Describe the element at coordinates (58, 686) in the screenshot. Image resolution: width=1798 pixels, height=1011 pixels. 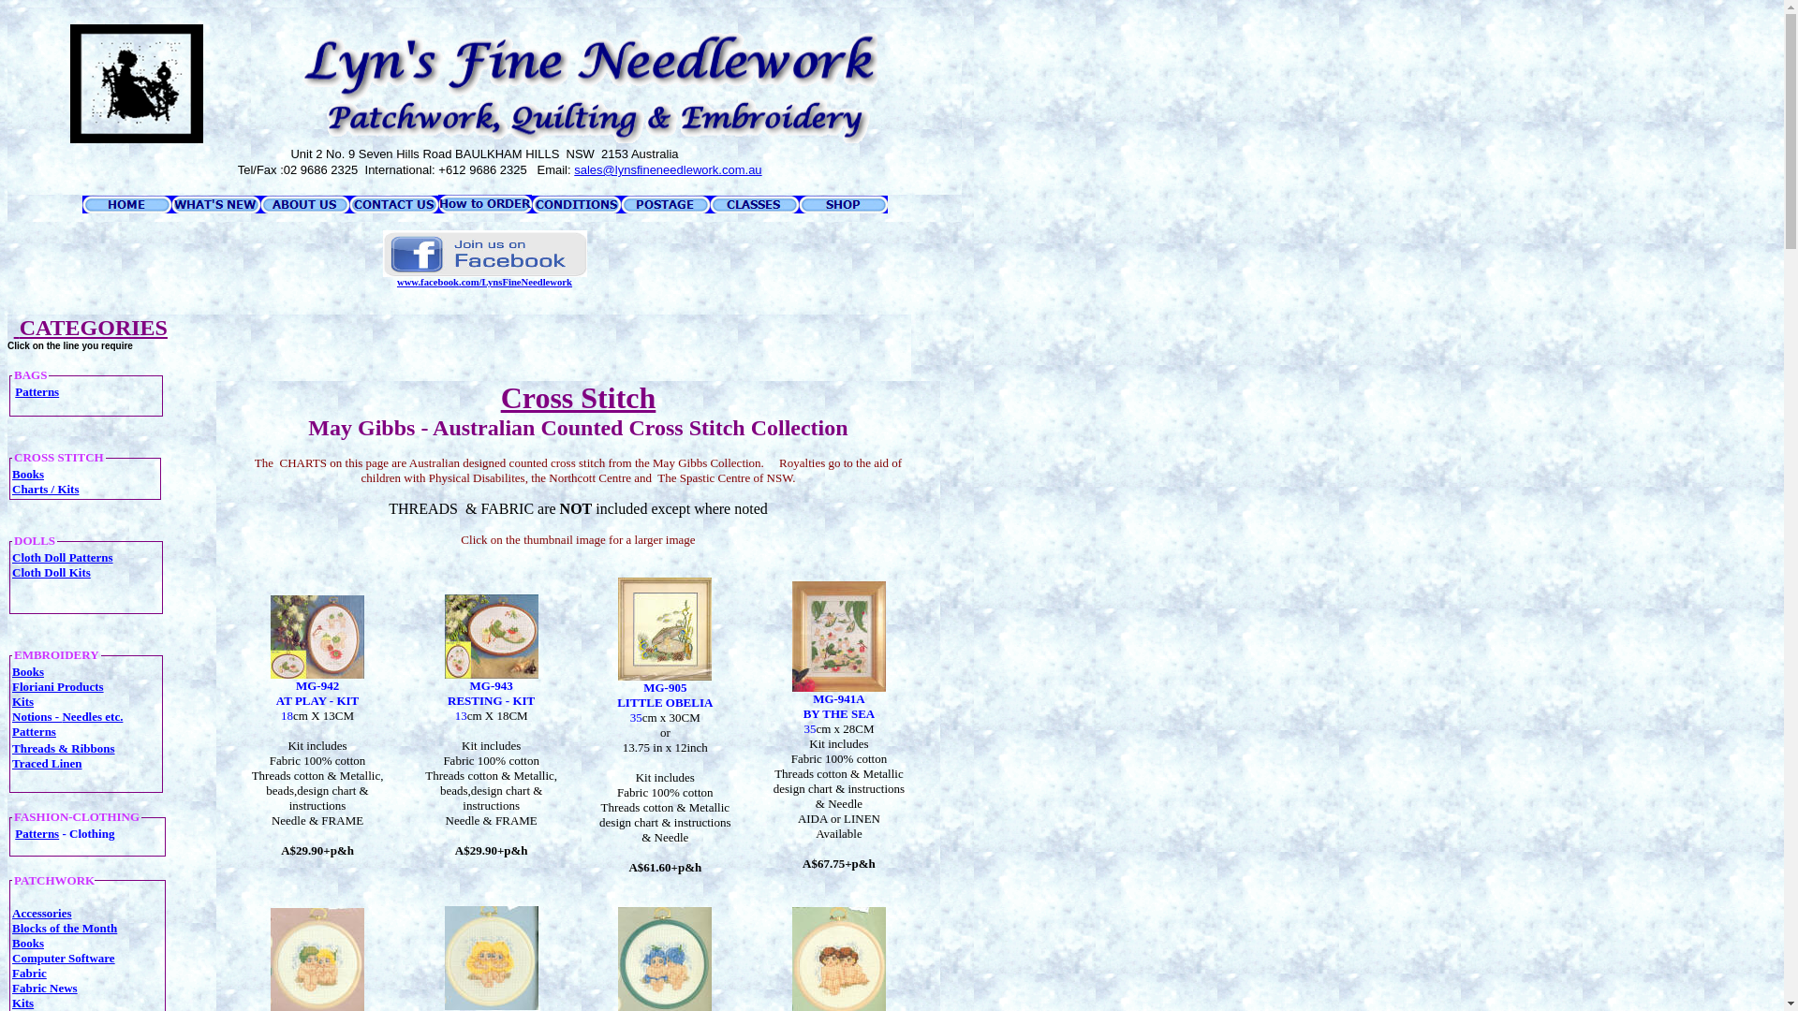
I see `'Floriani Products'` at that location.